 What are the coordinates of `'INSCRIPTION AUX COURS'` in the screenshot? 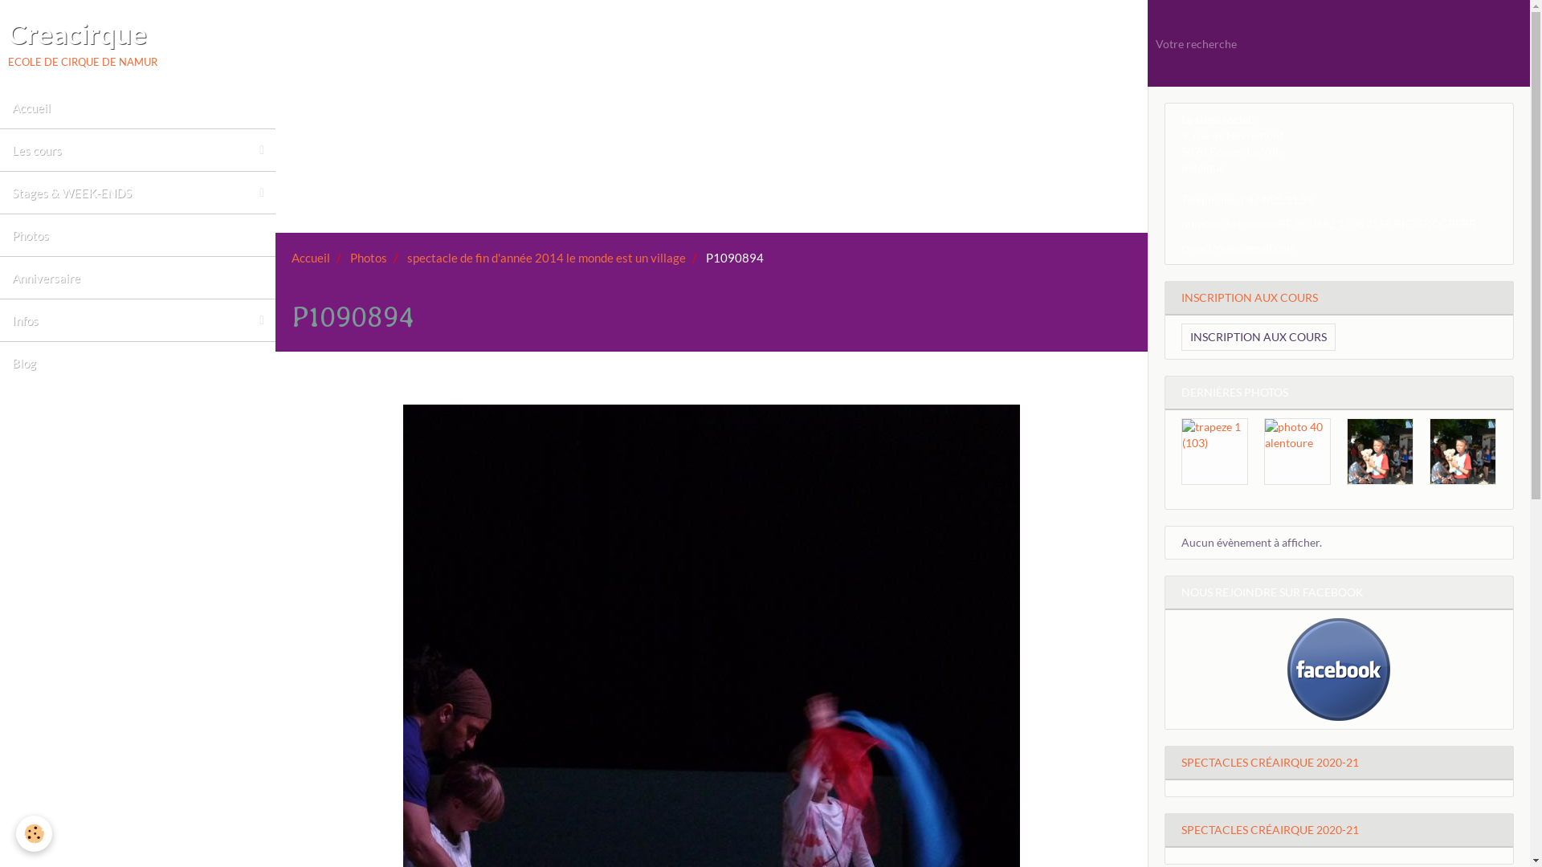 It's located at (1165, 297).